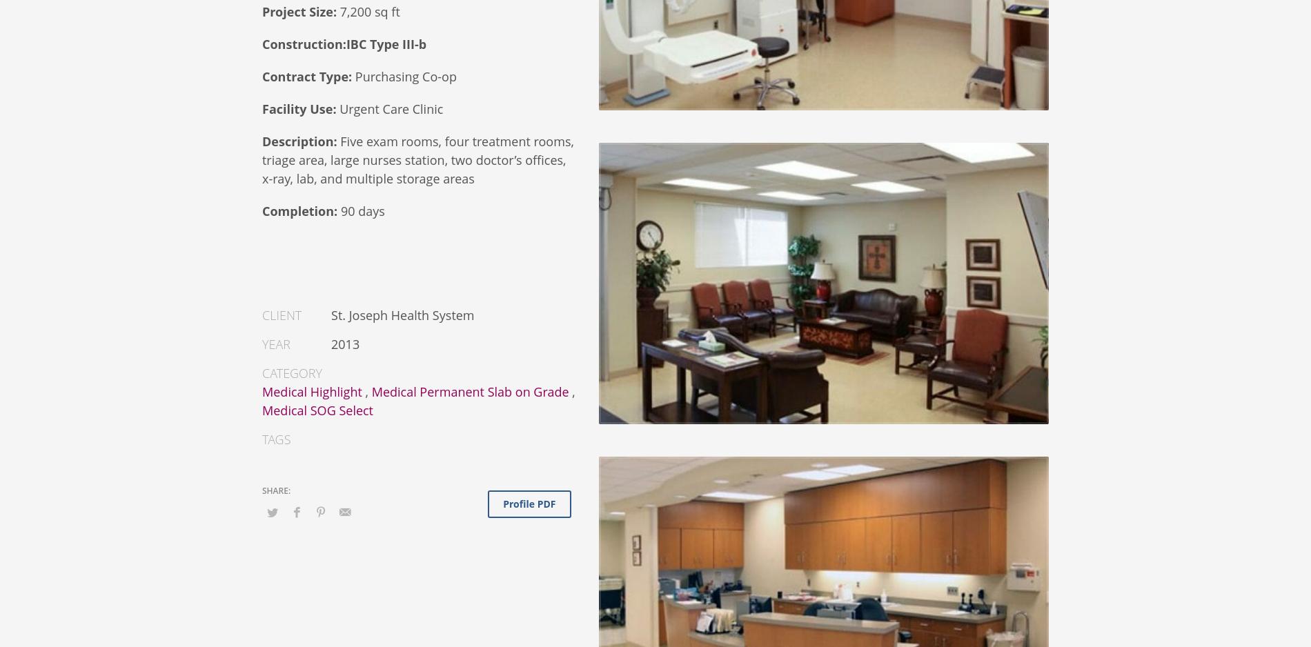 Image resolution: width=1311 pixels, height=647 pixels. Describe the element at coordinates (298, 108) in the screenshot. I see `'Facility Use:'` at that location.